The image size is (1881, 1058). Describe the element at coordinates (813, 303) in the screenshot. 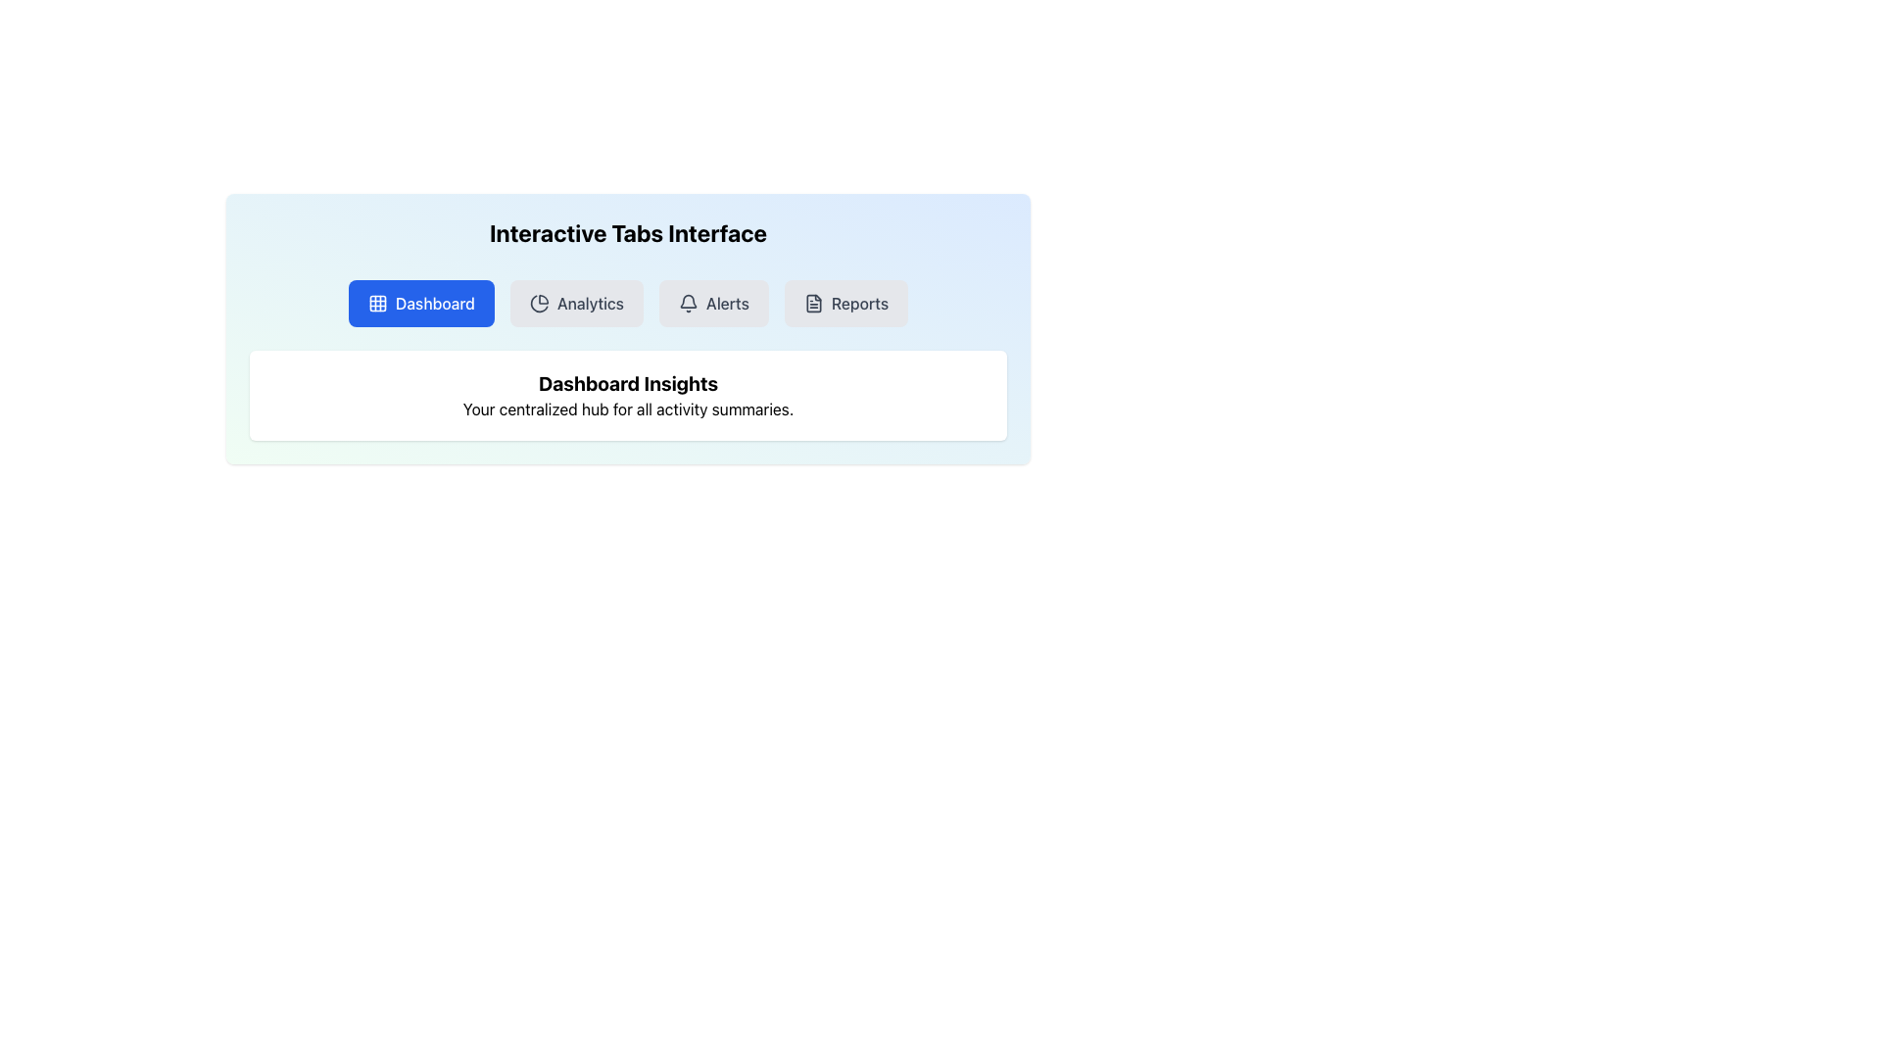

I see `the simplified rectangular file icon with rounded corners located within the 'Reports' tab button in the tabbed navigation section` at that location.